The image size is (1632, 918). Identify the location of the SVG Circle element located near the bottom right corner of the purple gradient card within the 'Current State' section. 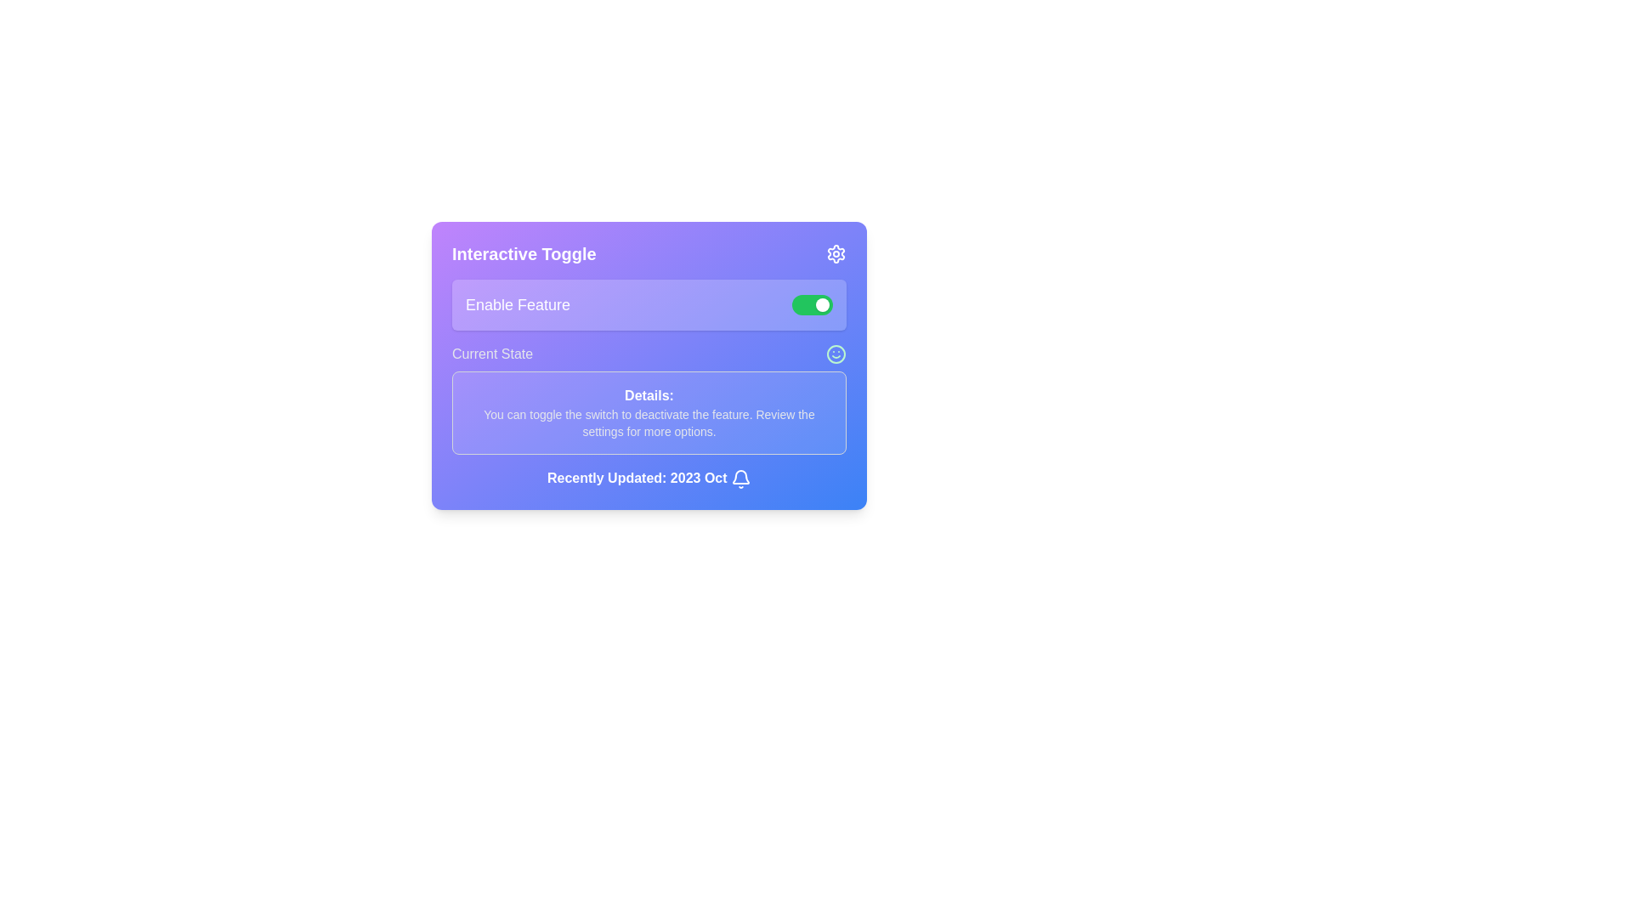
(836, 353).